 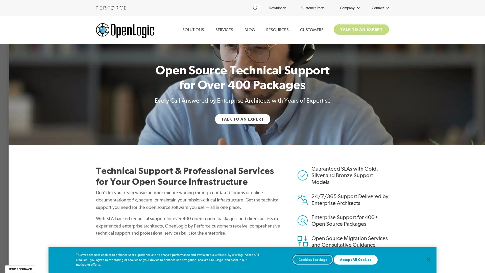 I want to click on Close, so click(x=428, y=259).